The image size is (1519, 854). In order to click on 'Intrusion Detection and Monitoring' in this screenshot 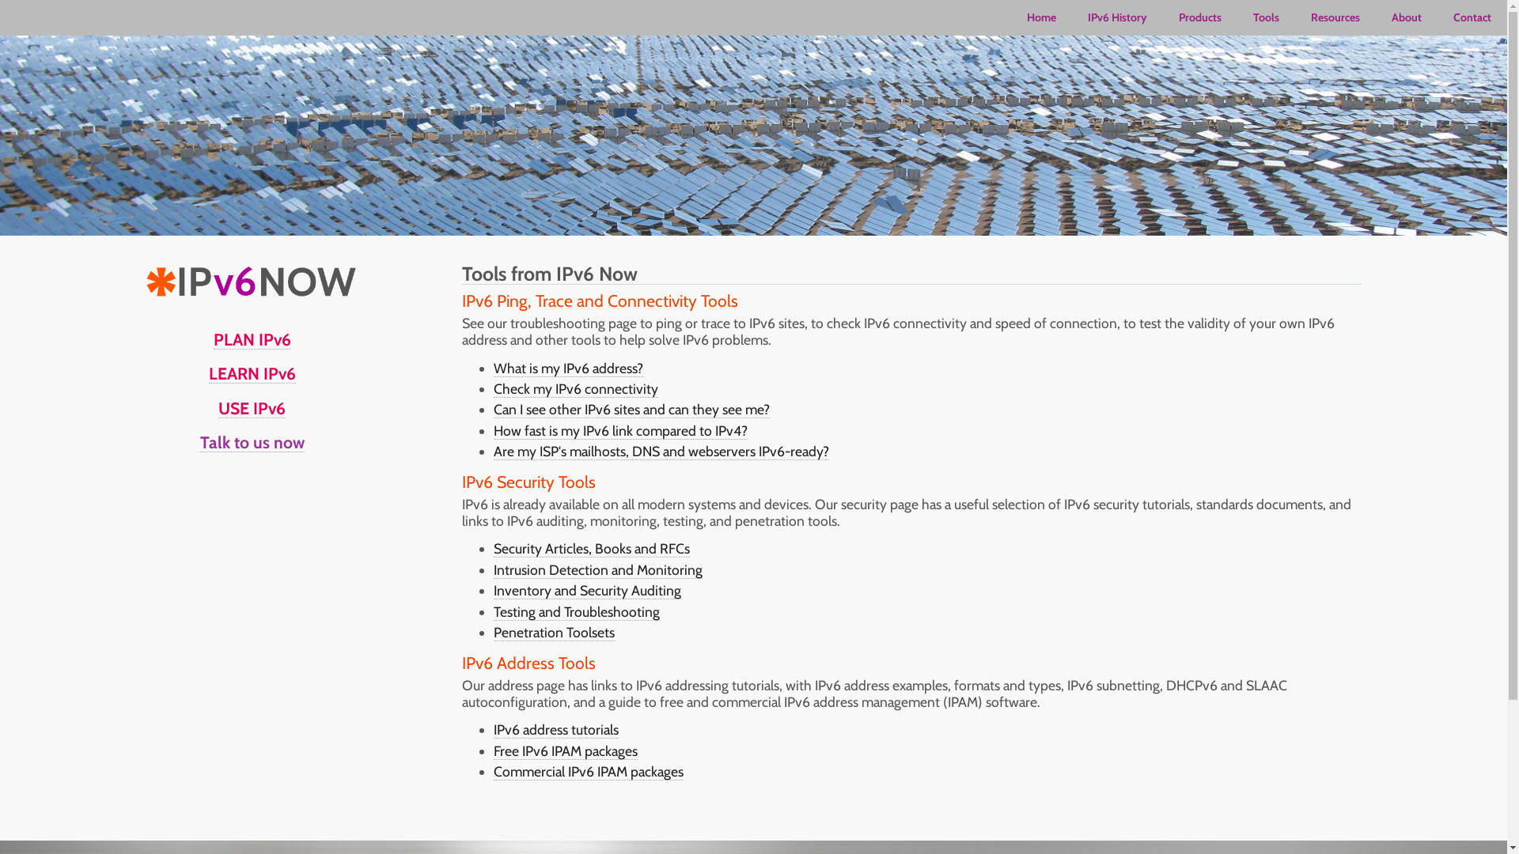, I will do `click(597, 570)`.